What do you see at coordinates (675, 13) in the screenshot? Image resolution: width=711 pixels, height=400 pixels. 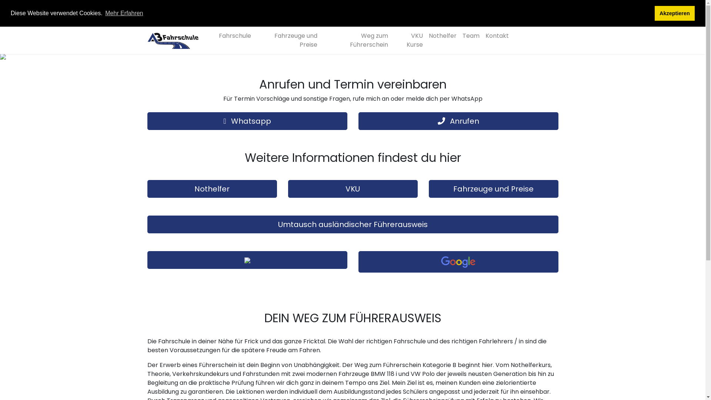 I see `'Akzeptieren'` at bounding box center [675, 13].